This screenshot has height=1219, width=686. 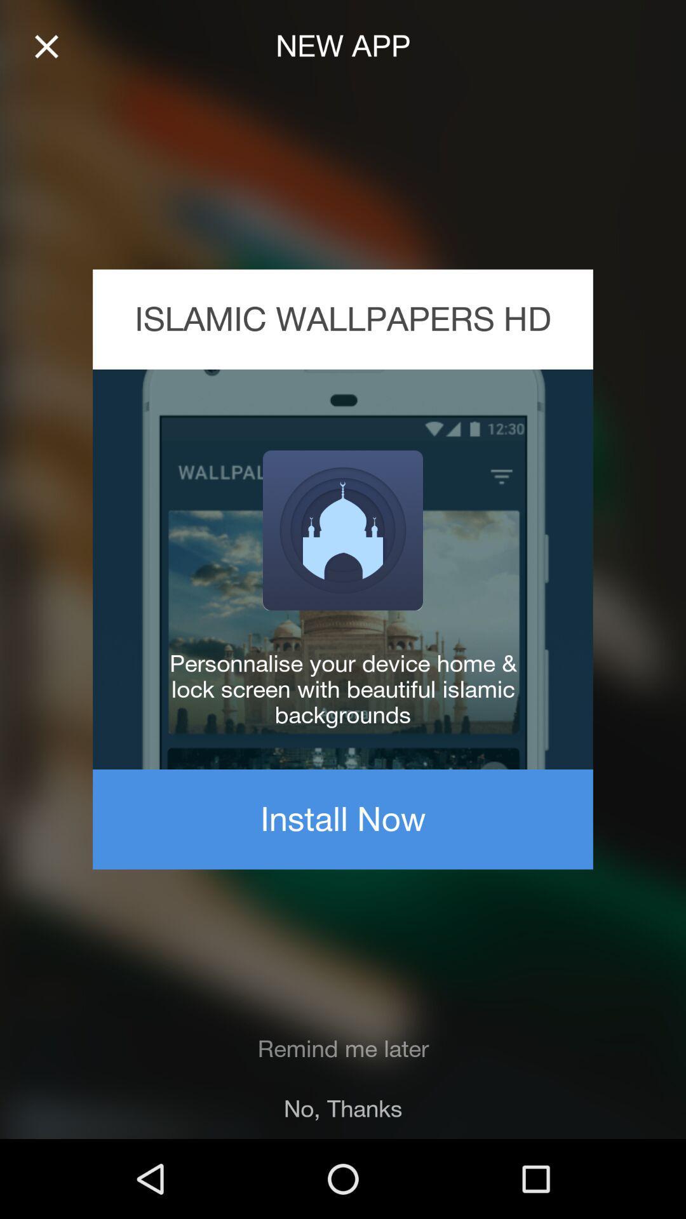 What do you see at coordinates (343, 1108) in the screenshot?
I see `the no, thanks` at bounding box center [343, 1108].